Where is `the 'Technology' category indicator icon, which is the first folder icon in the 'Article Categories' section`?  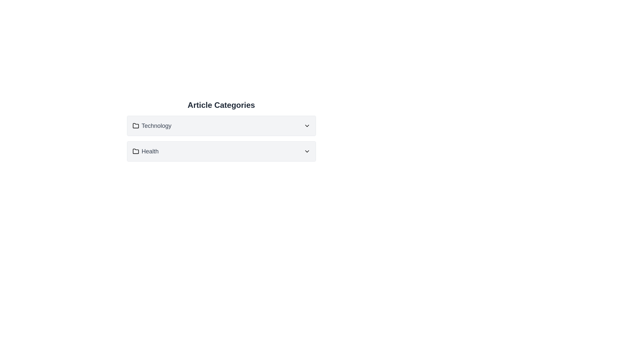 the 'Technology' category indicator icon, which is the first folder icon in the 'Article Categories' section is located at coordinates (135, 126).